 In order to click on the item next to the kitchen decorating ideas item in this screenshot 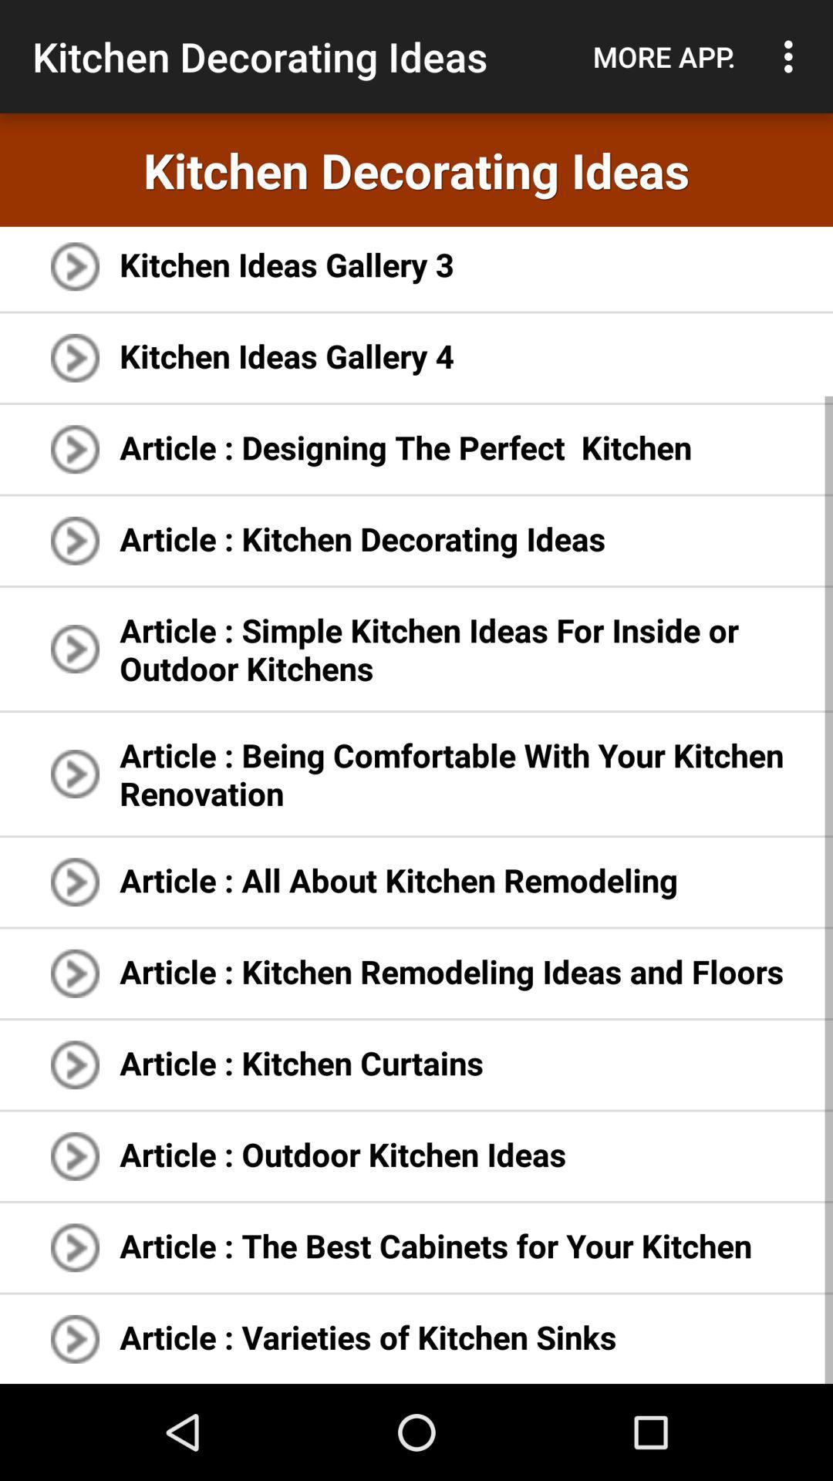, I will do `click(663, 56)`.